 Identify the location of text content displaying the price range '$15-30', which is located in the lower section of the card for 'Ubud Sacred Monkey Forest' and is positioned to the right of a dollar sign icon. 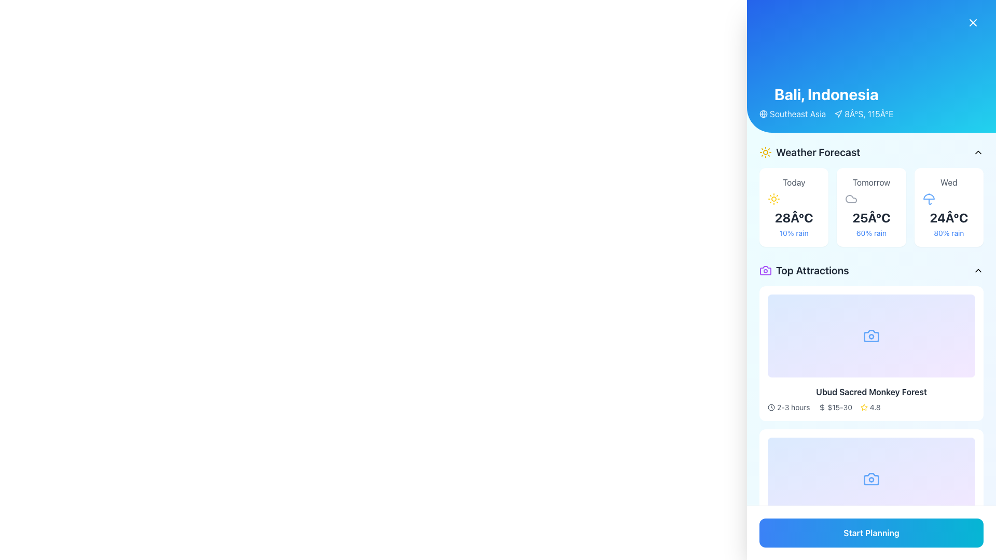
(840, 407).